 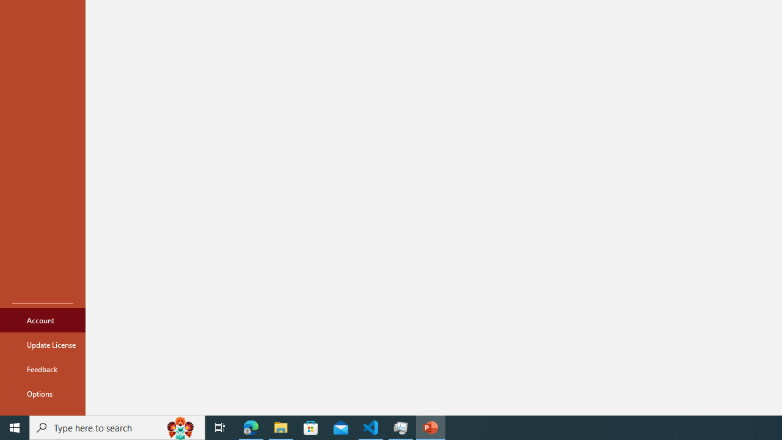 What do you see at coordinates (180, 427) in the screenshot?
I see `'Search highlights icon opens search home window'` at bounding box center [180, 427].